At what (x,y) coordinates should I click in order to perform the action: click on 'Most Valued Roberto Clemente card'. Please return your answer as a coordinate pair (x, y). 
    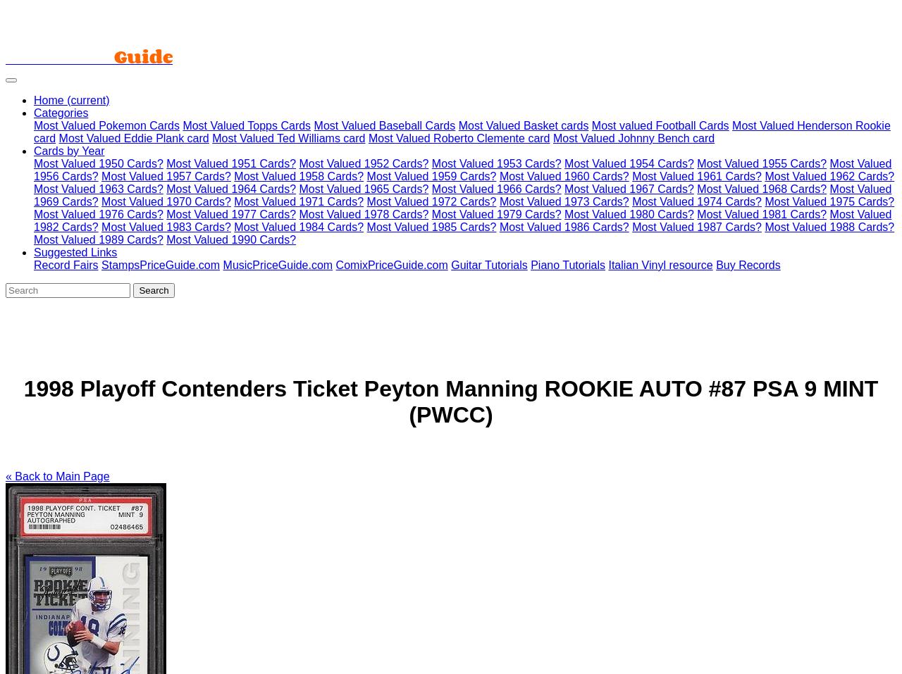
    Looking at the image, I should click on (459, 137).